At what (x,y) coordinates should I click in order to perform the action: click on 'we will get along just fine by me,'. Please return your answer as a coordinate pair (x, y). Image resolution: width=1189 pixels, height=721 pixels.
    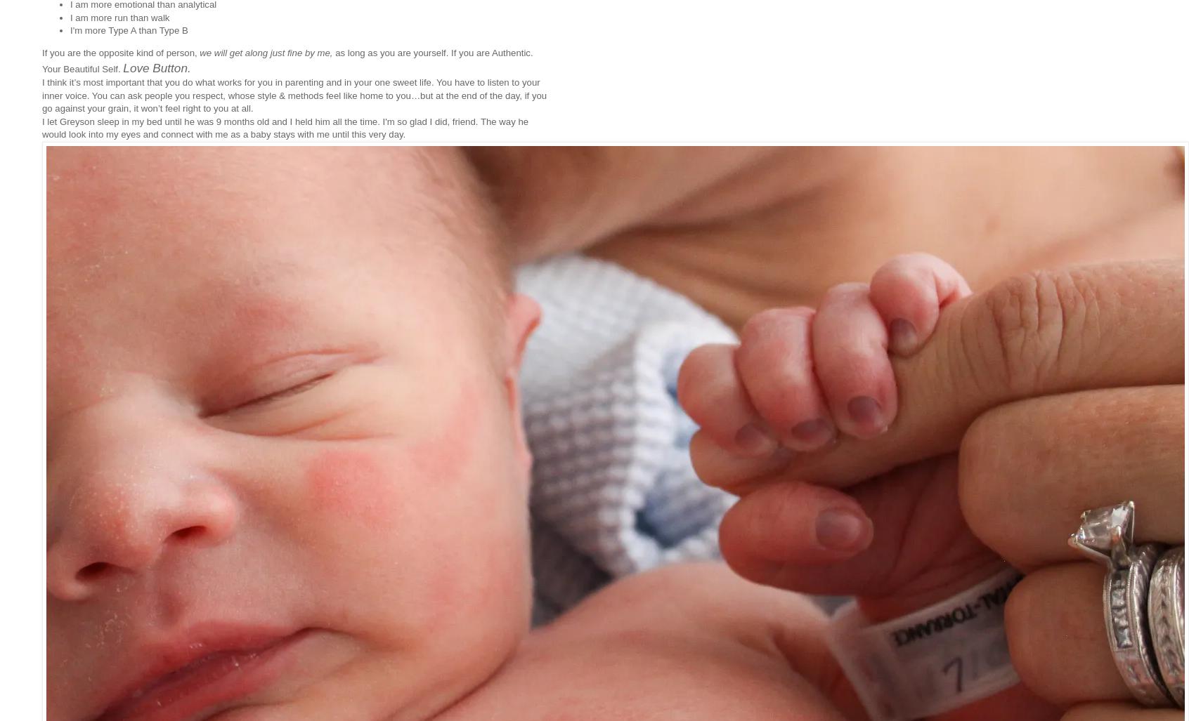
    Looking at the image, I should click on (266, 51).